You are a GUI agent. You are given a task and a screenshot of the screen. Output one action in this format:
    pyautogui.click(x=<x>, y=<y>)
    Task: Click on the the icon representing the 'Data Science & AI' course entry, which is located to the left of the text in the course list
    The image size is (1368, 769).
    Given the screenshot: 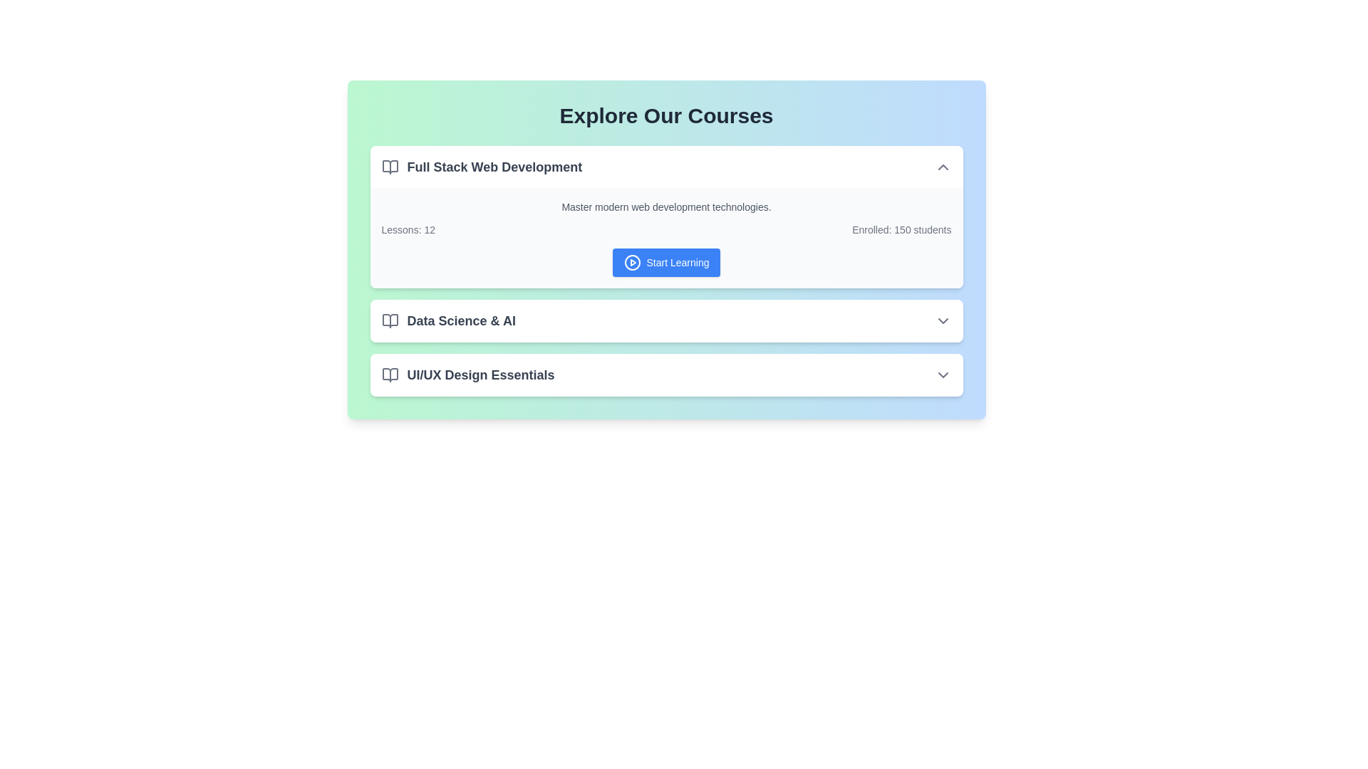 What is the action you would take?
    pyautogui.click(x=390, y=321)
    